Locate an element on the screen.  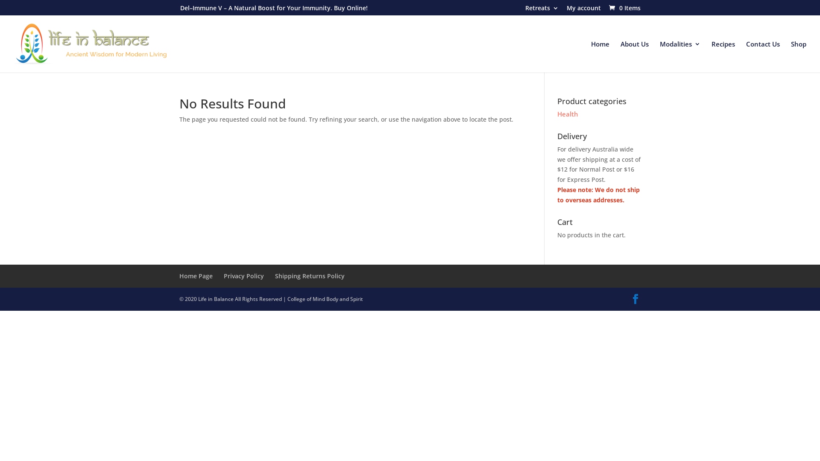
'Home Page' is located at coordinates (196, 276).